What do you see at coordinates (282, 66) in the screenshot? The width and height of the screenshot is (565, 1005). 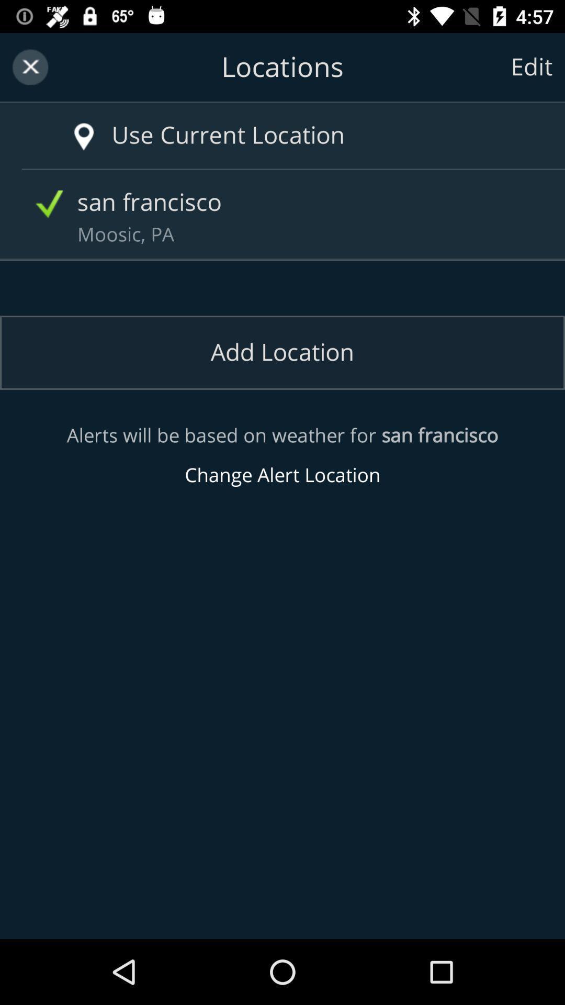 I see `locations sharing button` at bounding box center [282, 66].